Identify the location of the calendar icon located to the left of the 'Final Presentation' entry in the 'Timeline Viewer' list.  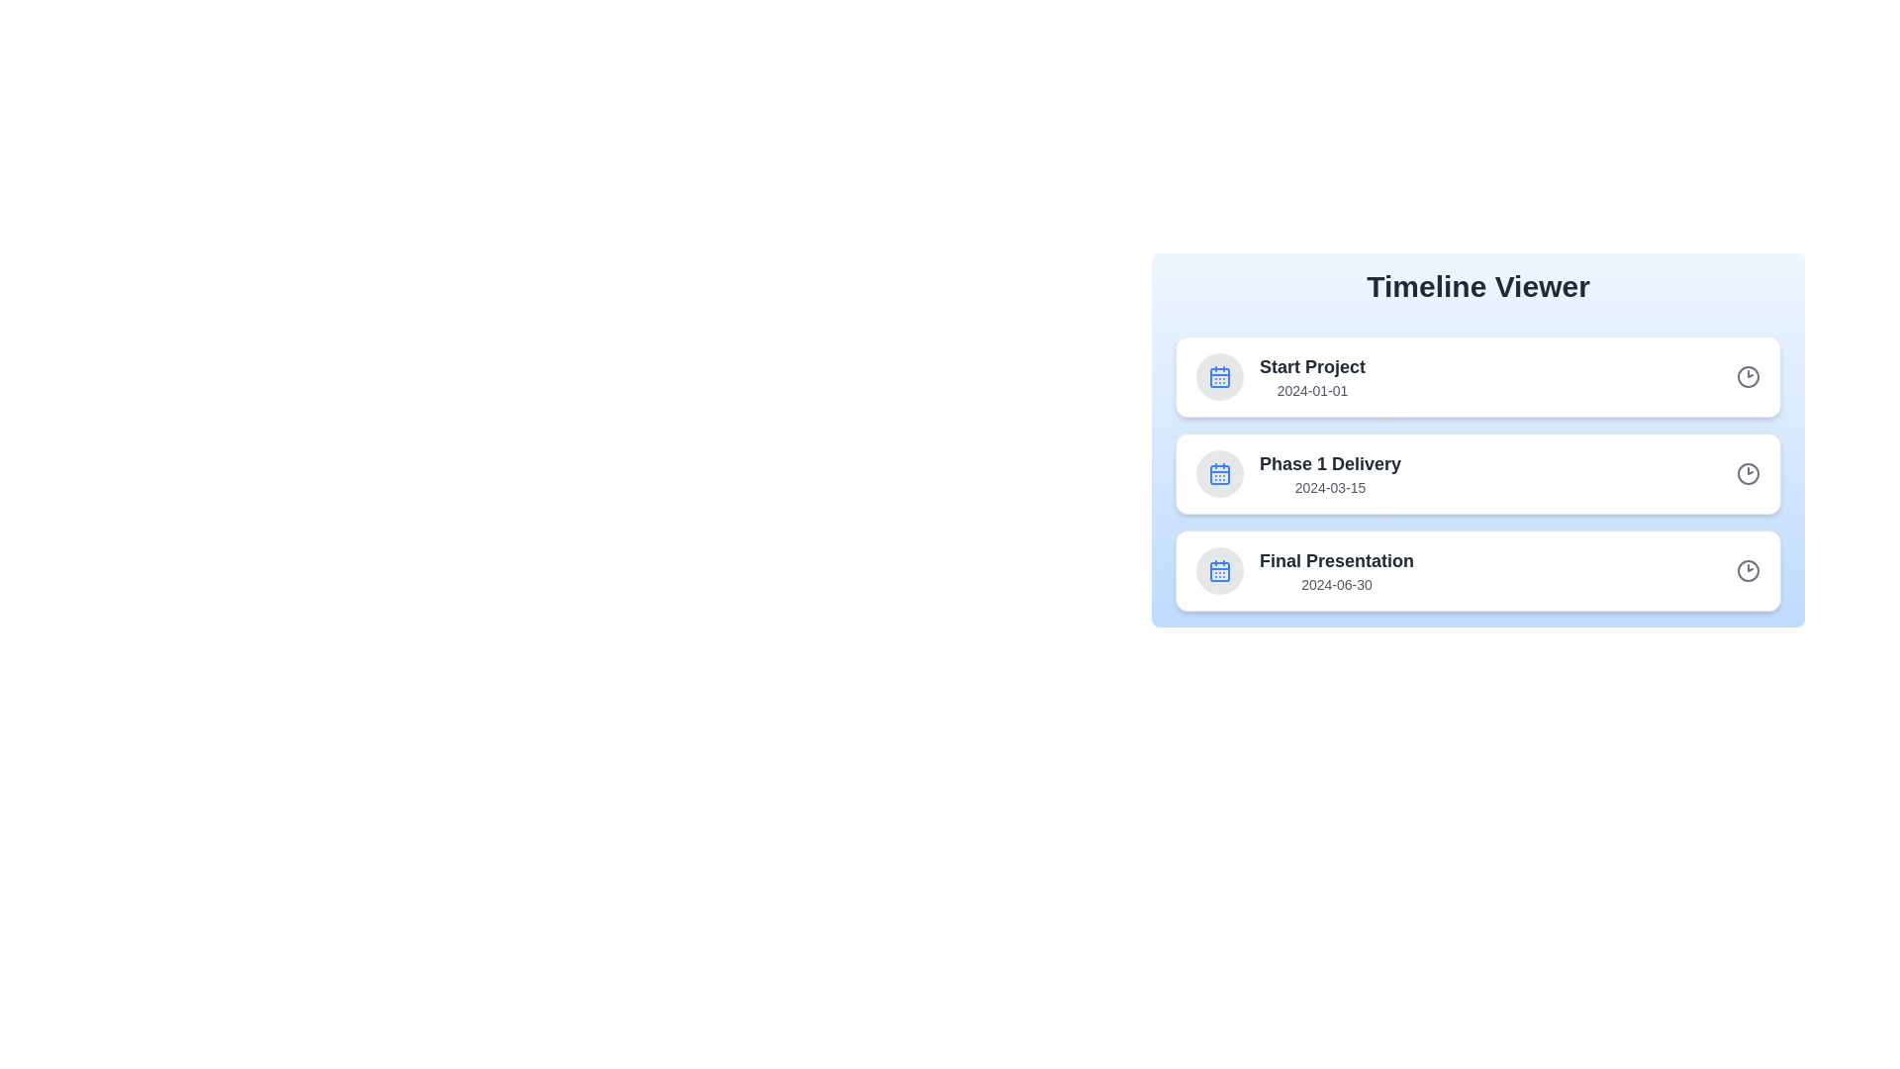
(1219, 571).